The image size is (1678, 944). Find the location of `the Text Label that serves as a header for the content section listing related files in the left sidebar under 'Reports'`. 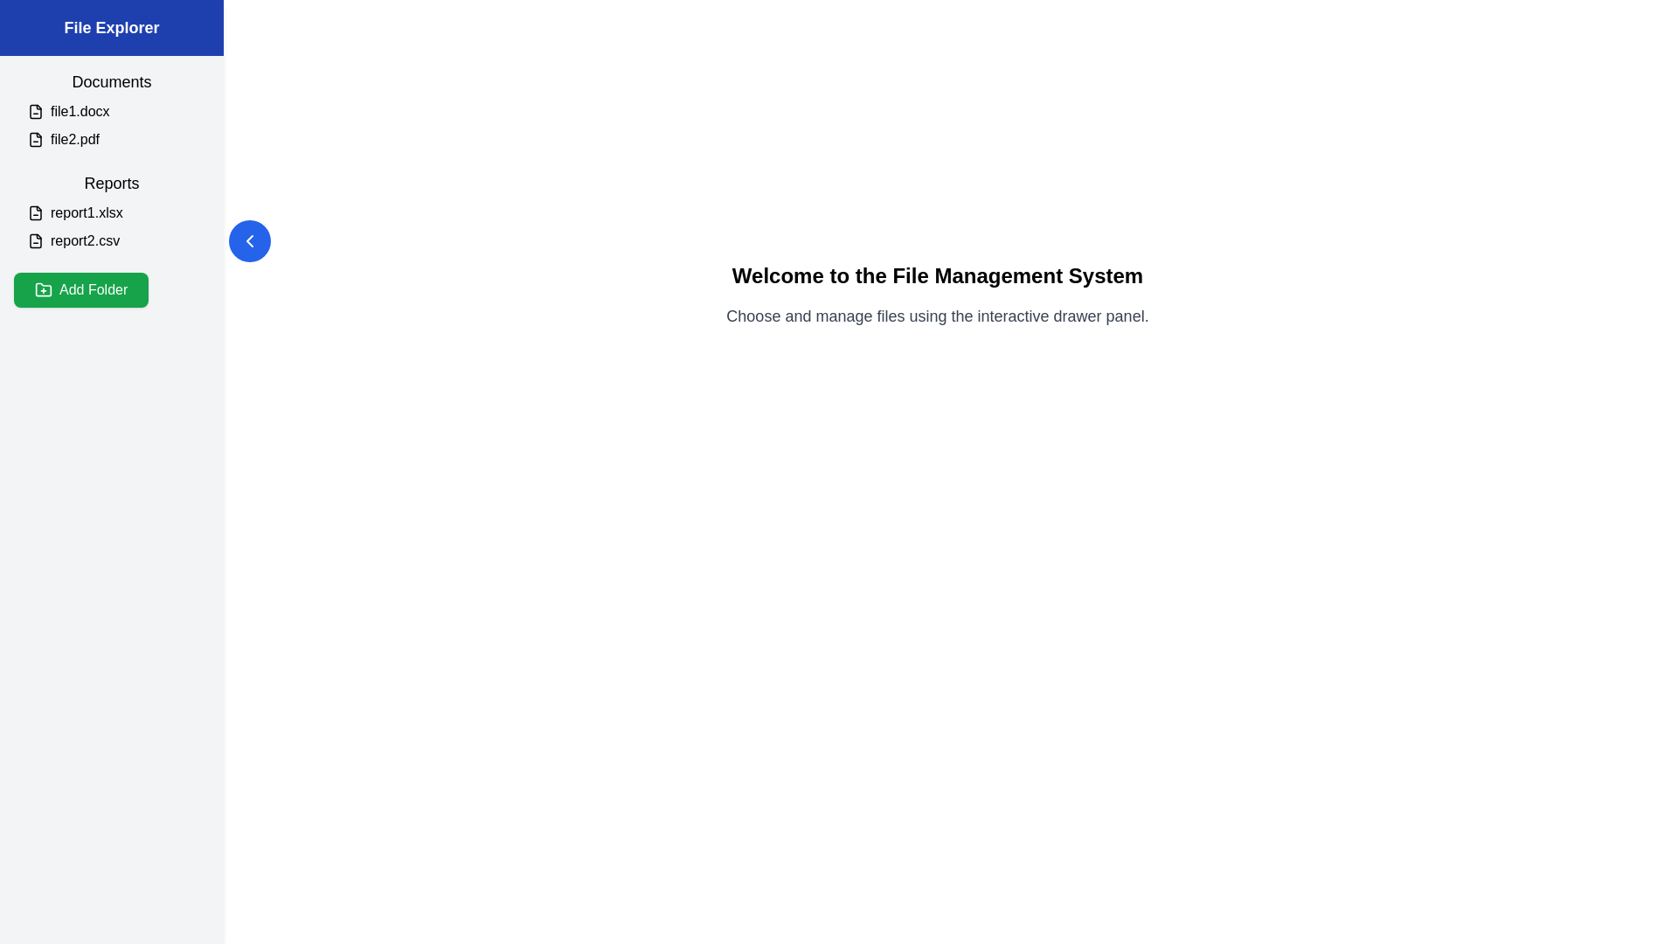

the Text Label that serves as a header for the content section listing related files in the left sidebar under 'Reports' is located at coordinates (111, 183).